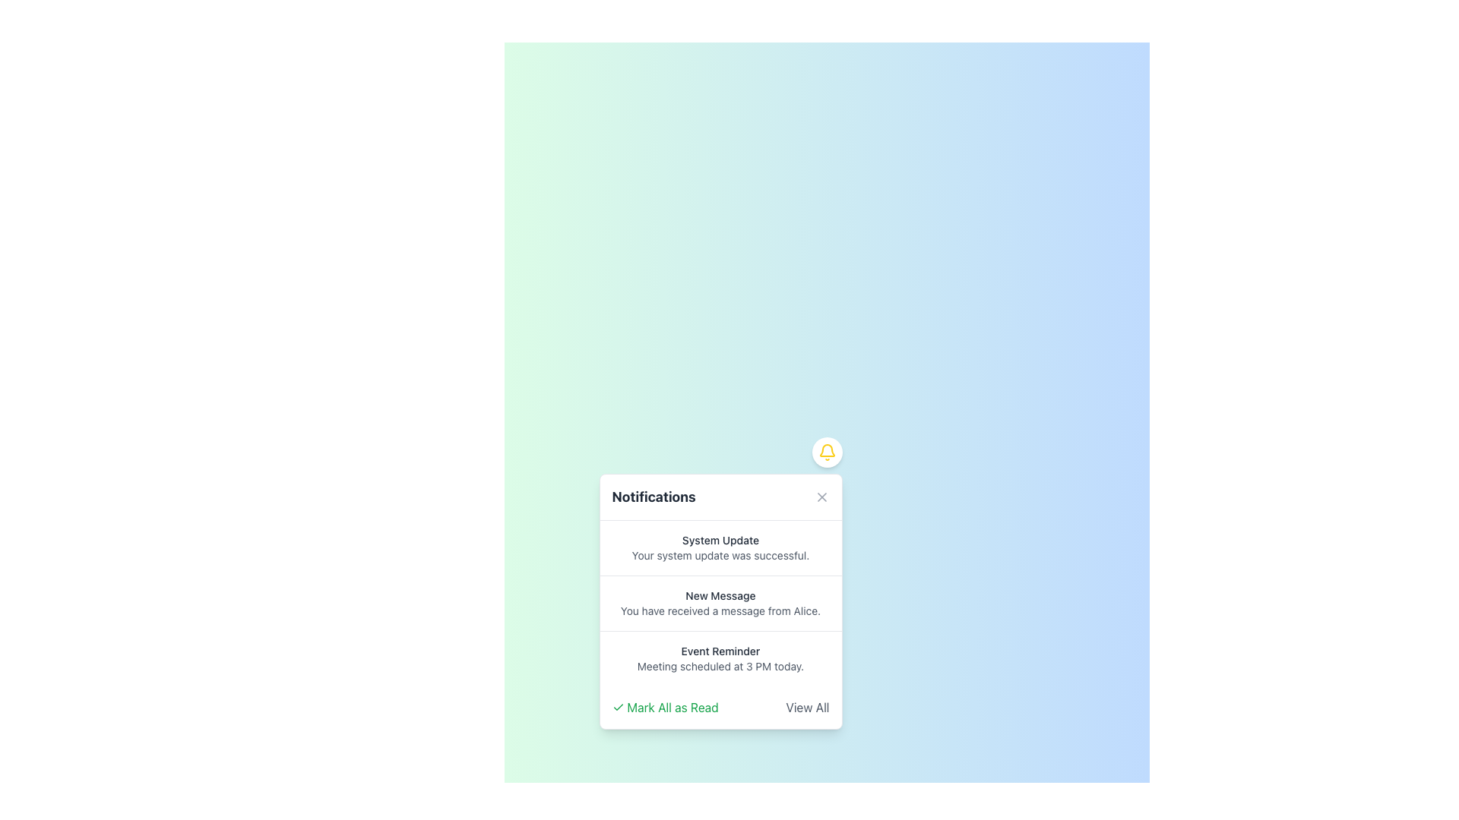  What do you see at coordinates (821, 497) in the screenshot?
I see `the dismiss button represented as an SVG graphic in the top-right corner of the 'Notifications' card` at bounding box center [821, 497].